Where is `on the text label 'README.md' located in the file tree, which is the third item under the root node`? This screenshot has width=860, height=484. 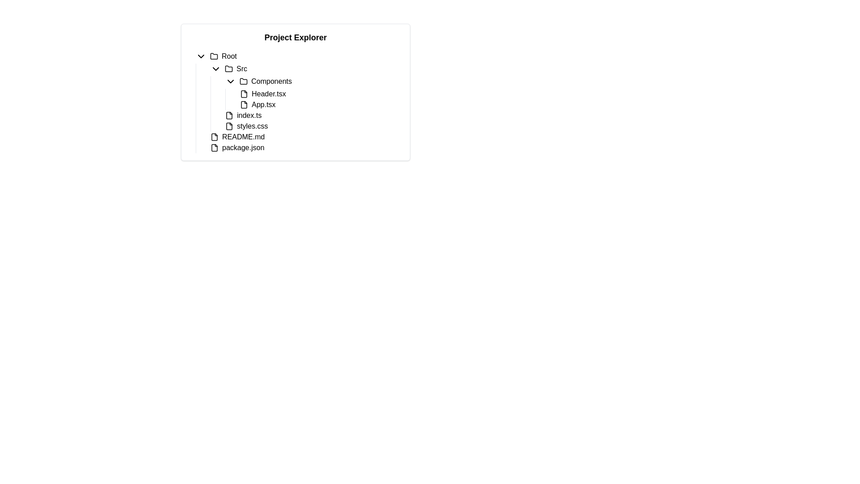 on the text label 'README.md' located in the file tree, which is the third item under the root node is located at coordinates (243, 137).